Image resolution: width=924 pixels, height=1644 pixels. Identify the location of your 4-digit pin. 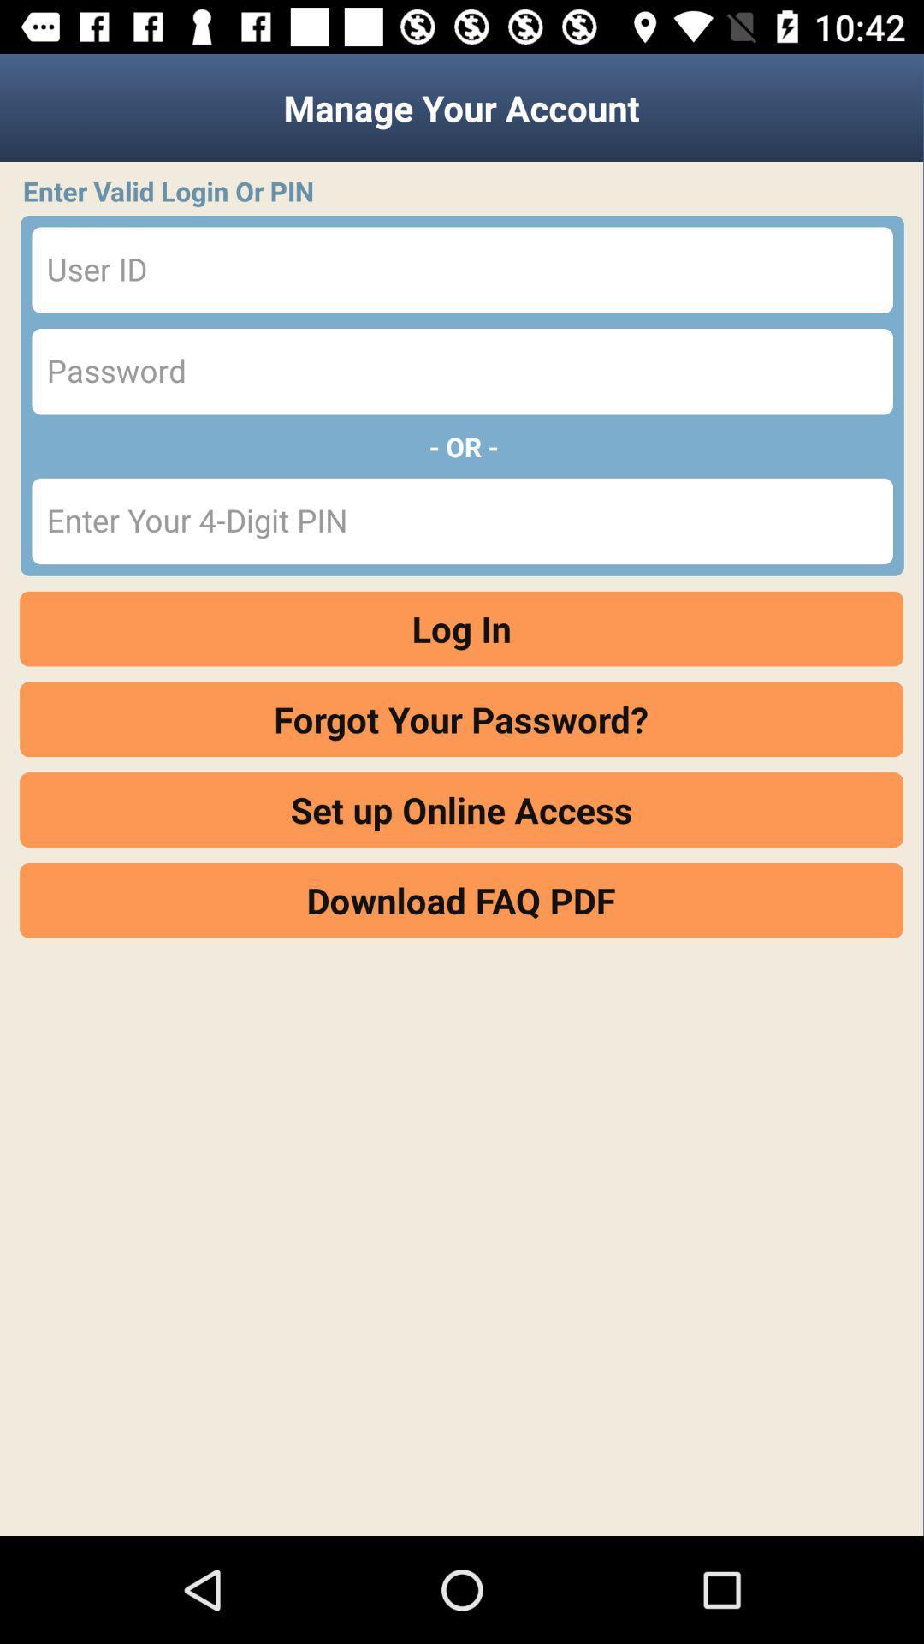
(462, 521).